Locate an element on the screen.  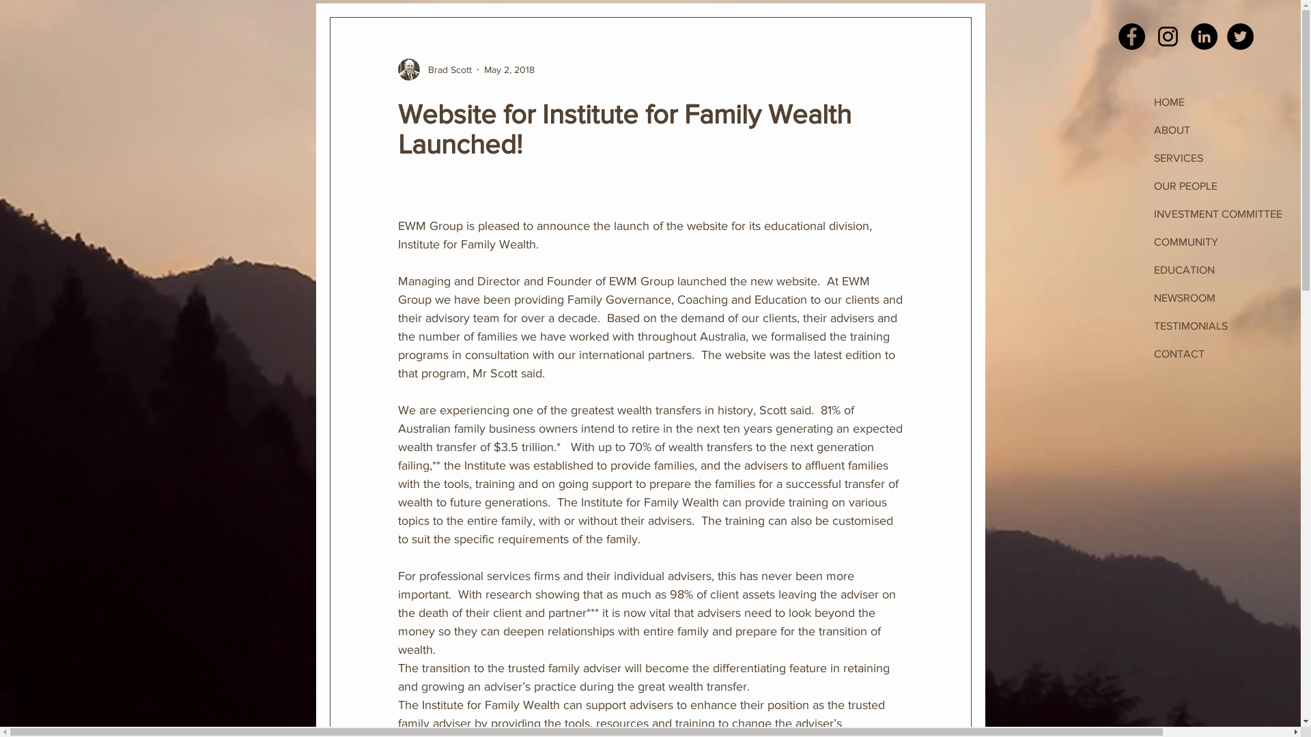
'EDUCATION' is located at coordinates (1226, 270).